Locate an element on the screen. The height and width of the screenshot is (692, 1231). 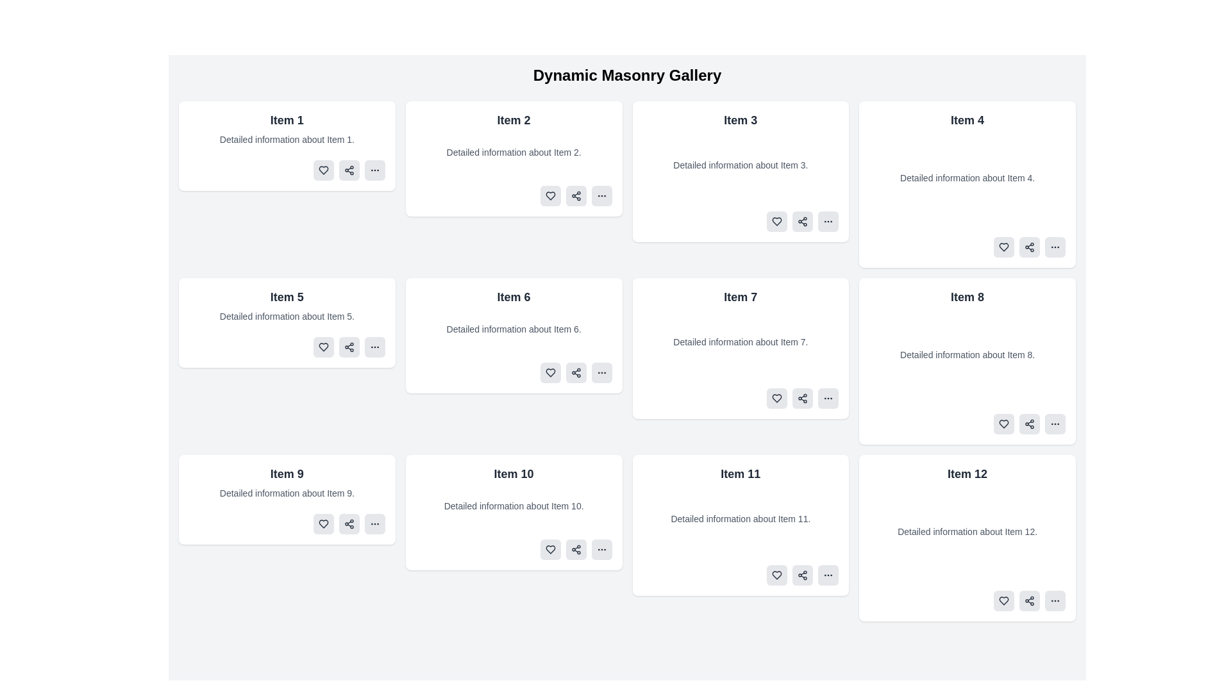
the sharing icon located between the heart icon and the ellipsis menu icon in the footer area of 'Item 12' is located at coordinates (1030, 600).